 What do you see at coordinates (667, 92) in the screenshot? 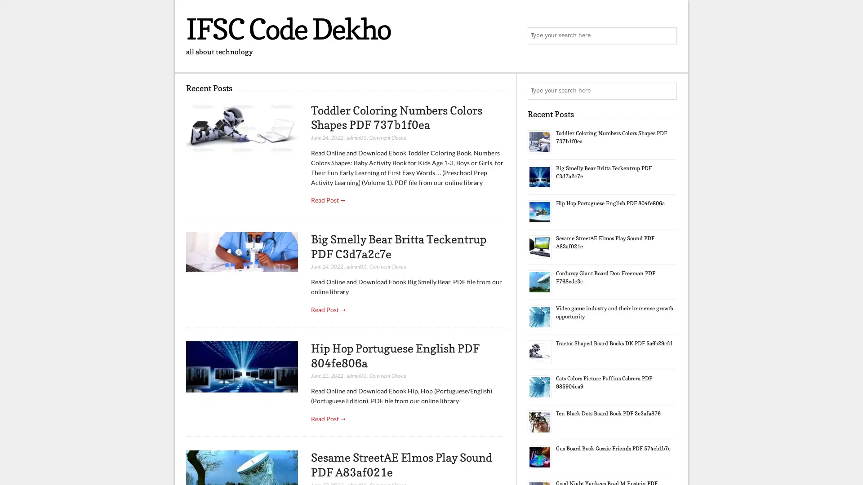
I see `Search` at bounding box center [667, 92].